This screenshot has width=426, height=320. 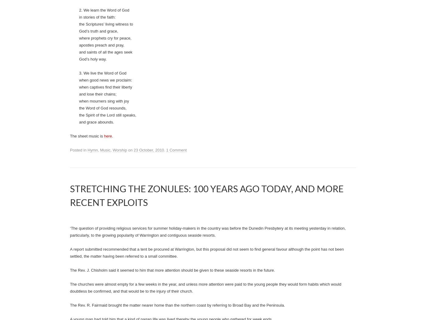 What do you see at coordinates (102, 278) in the screenshot?
I see `'apostles preach and pray,'` at bounding box center [102, 278].